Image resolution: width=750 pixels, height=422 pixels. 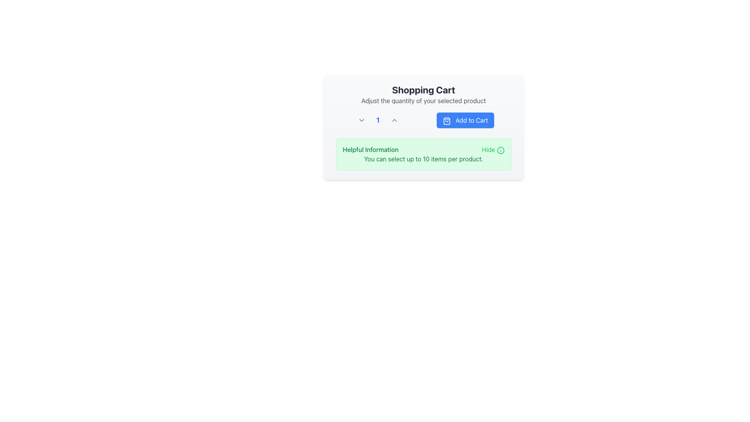 I want to click on the static text displaying 'Adjust the quantity of your selected product', which is located below the bold heading 'Shopping Cart', so click(x=423, y=100).